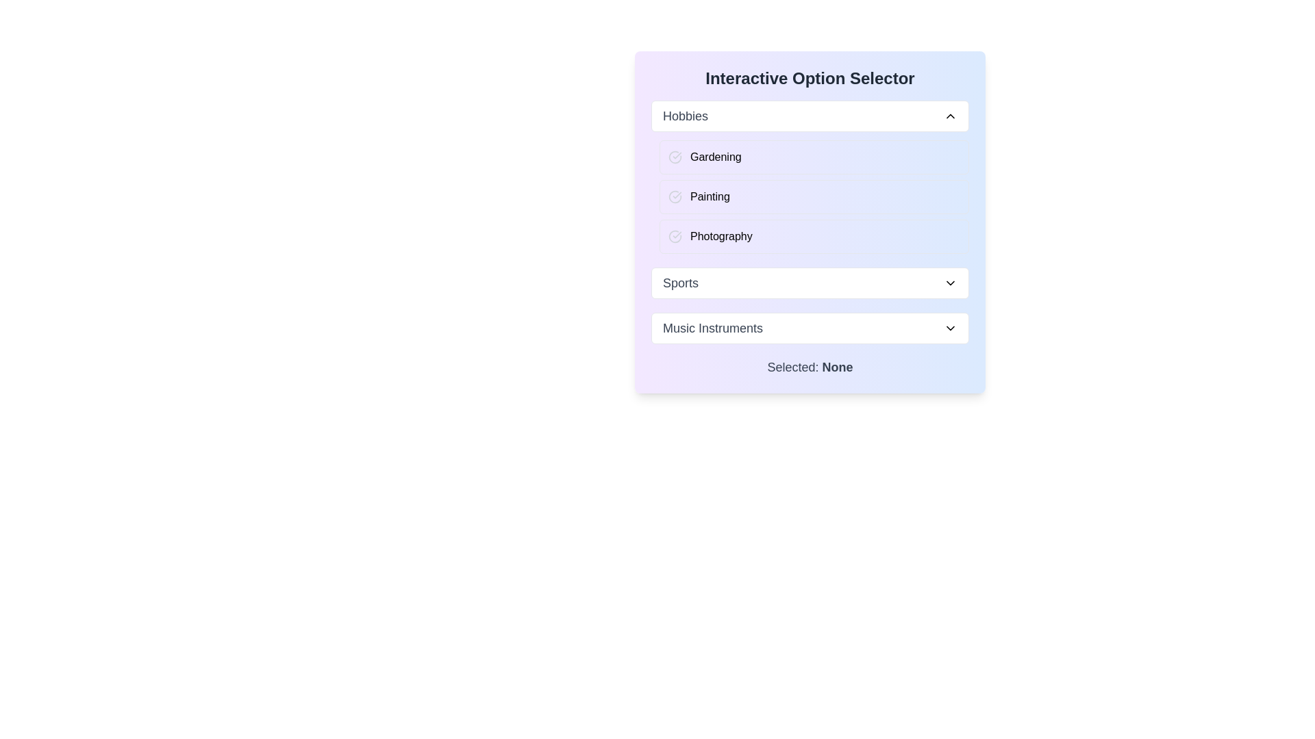 The width and height of the screenshot is (1315, 739). Describe the element at coordinates (949, 328) in the screenshot. I see `the downward-facing chevron icon in the 'Music Instruments' dropdown selection box, which indicates expandability or further options` at that location.